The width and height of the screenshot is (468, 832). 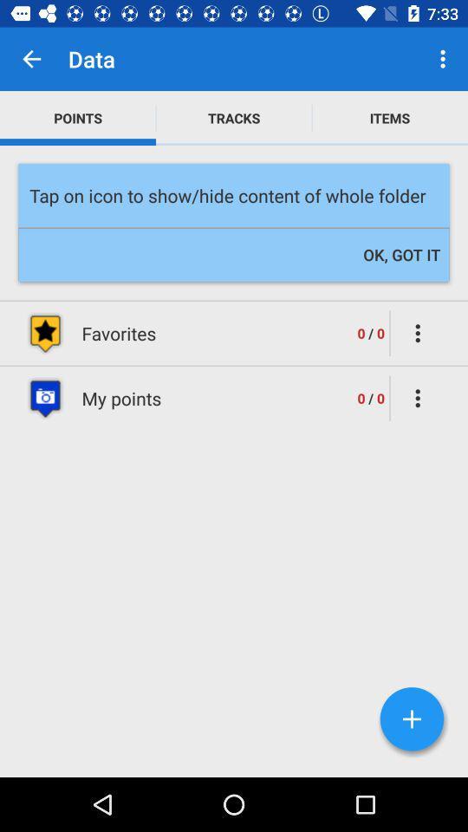 What do you see at coordinates (234, 117) in the screenshot?
I see `item to the right of points` at bounding box center [234, 117].